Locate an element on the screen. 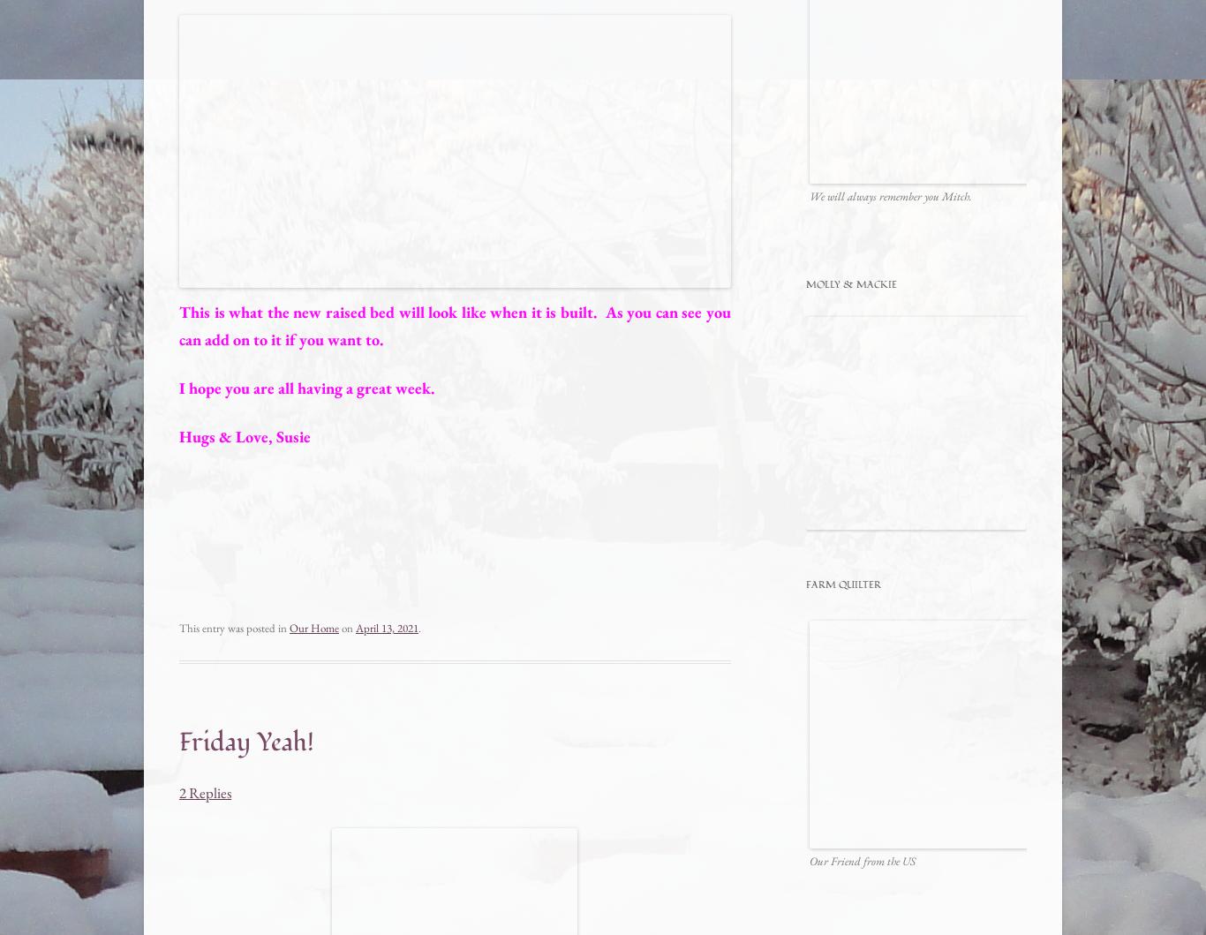 The height and width of the screenshot is (935, 1206). '2 Replies' is located at coordinates (205, 791).